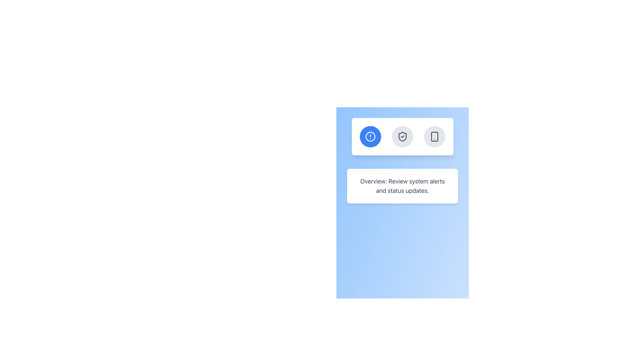 The image size is (642, 361). What do you see at coordinates (402, 136) in the screenshot?
I see `the middle button in a horizontal row of three buttons, which features a shield-and-check icon` at bounding box center [402, 136].